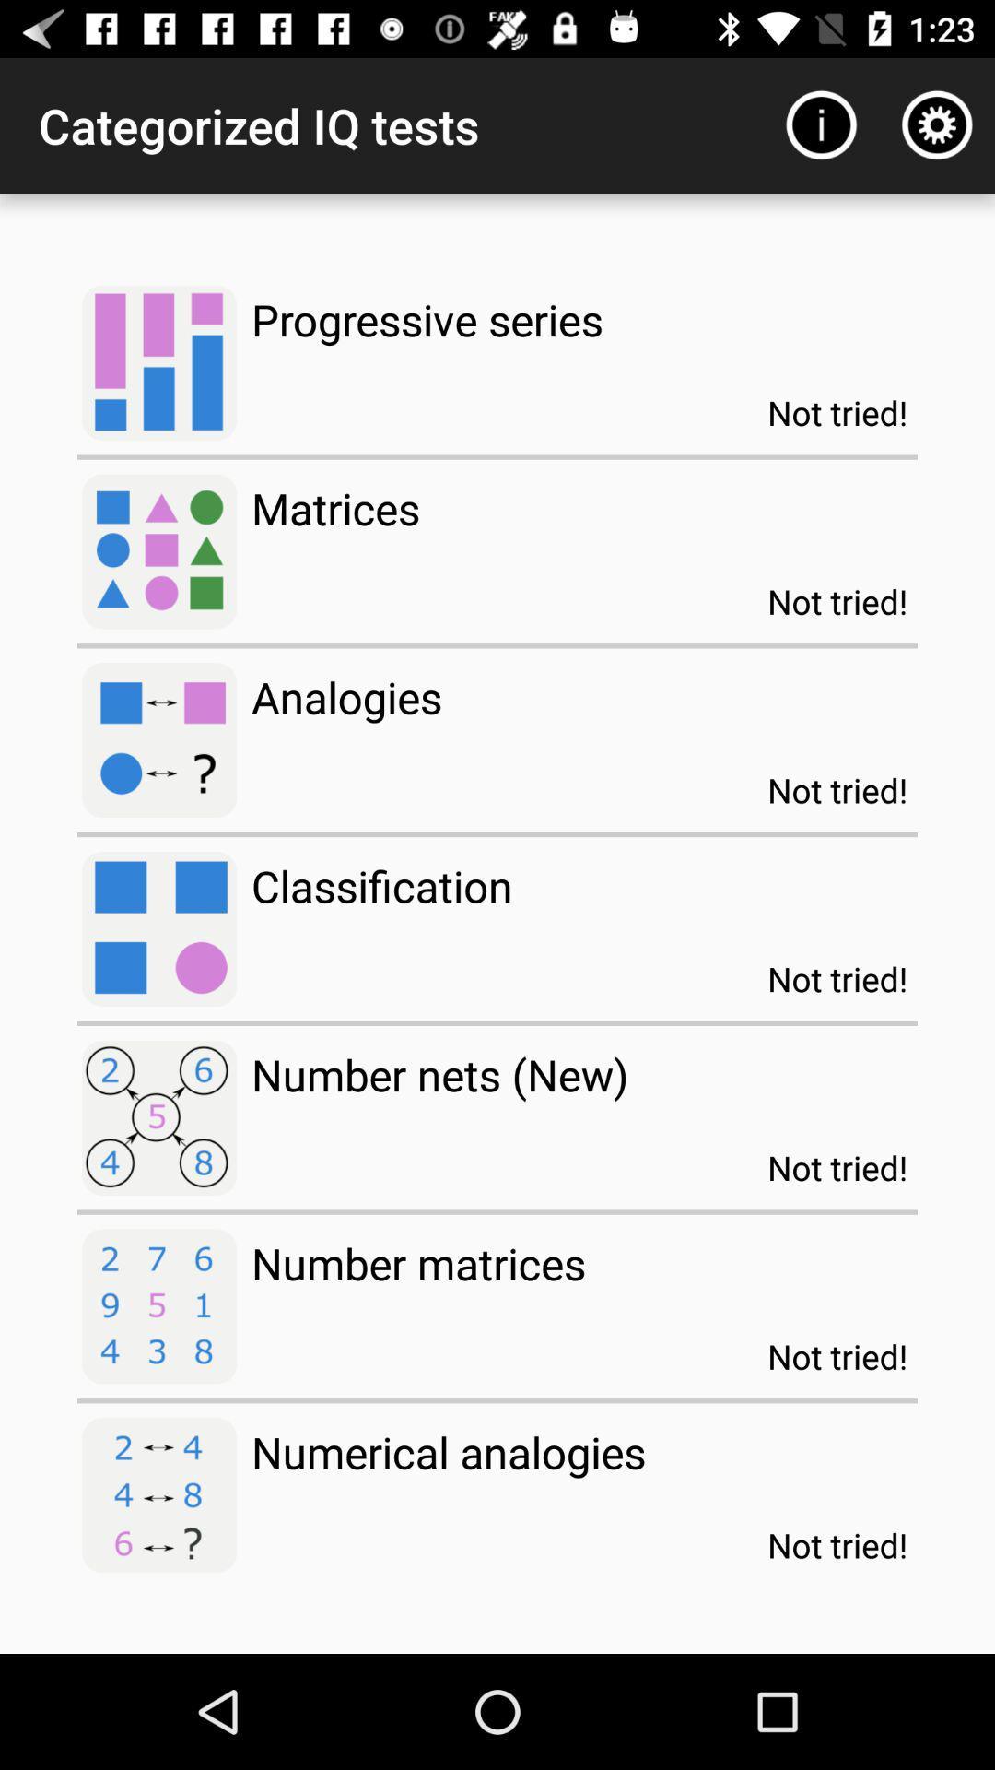 This screenshot has width=995, height=1770. Describe the element at coordinates (439, 1074) in the screenshot. I see `the number nets (new) item` at that location.